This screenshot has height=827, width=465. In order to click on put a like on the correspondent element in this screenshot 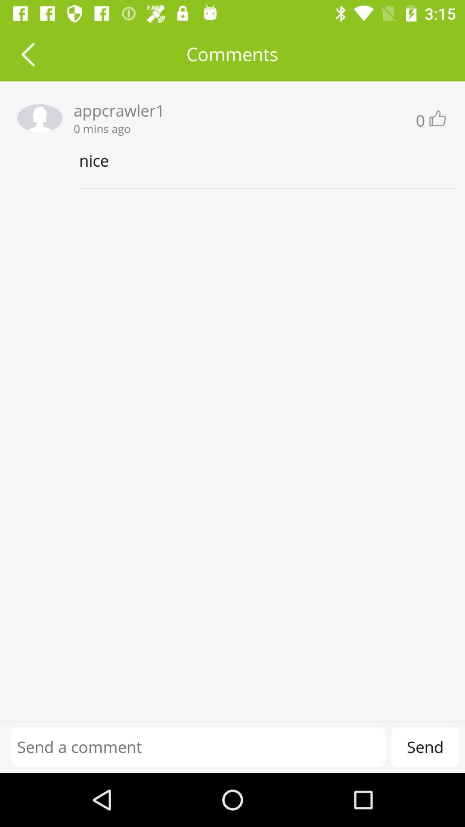, I will do `click(437, 118)`.